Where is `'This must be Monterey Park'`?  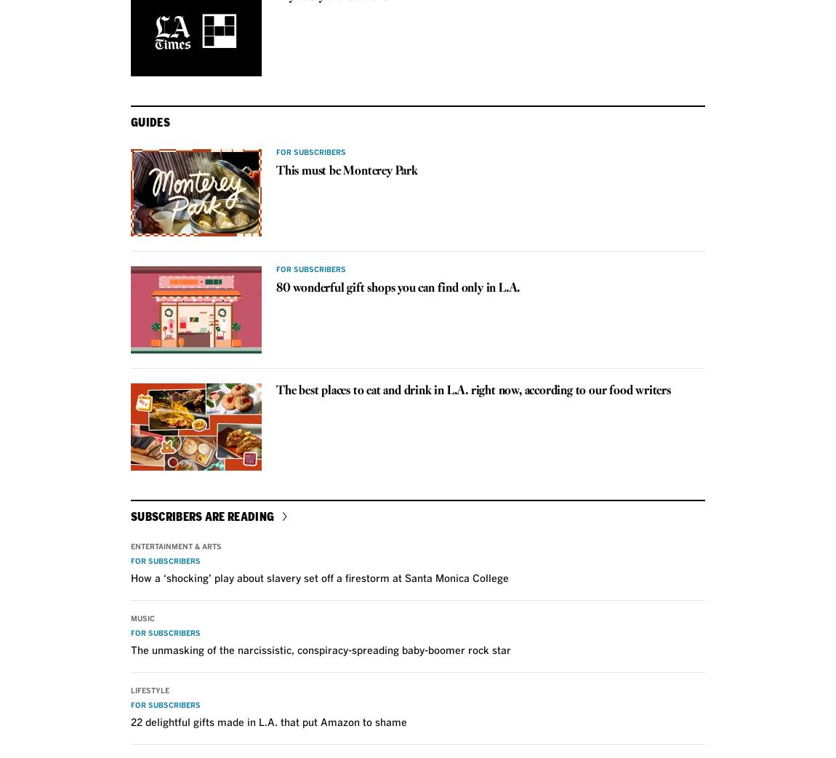 'This must be Monterey Park' is located at coordinates (276, 169).